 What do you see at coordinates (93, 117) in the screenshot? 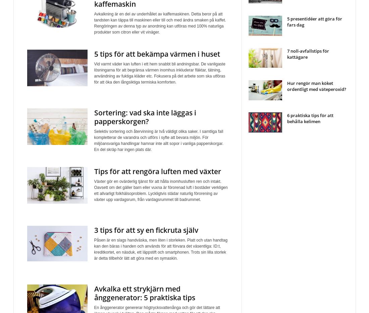
I see `'Sortering: vad ska inte läggas i papperskorgen?'` at bounding box center [93, 117].